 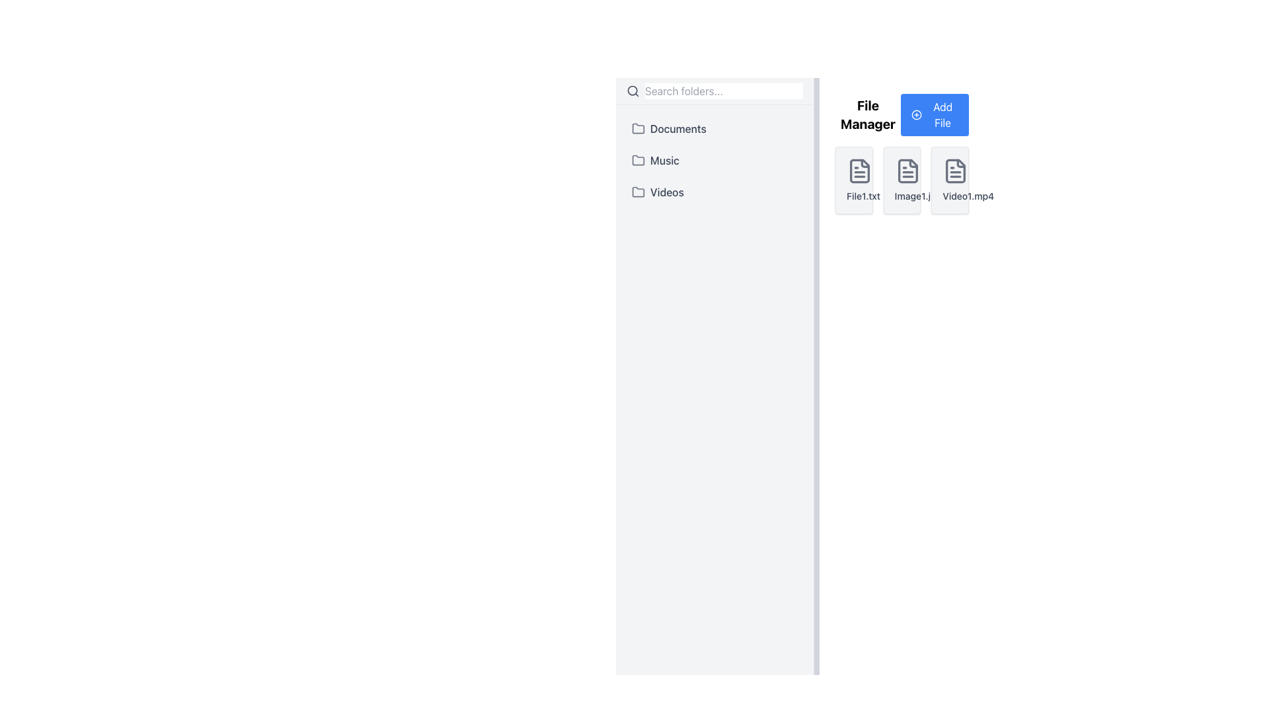 What do you see at coordinates (638, 159) in the screenshot?
I see `the 'Music' directory icon located in the left sidebar, which is the second item in the list, positioned below 'Documents' and above 'Videos'` at bounding box center [638, 159].